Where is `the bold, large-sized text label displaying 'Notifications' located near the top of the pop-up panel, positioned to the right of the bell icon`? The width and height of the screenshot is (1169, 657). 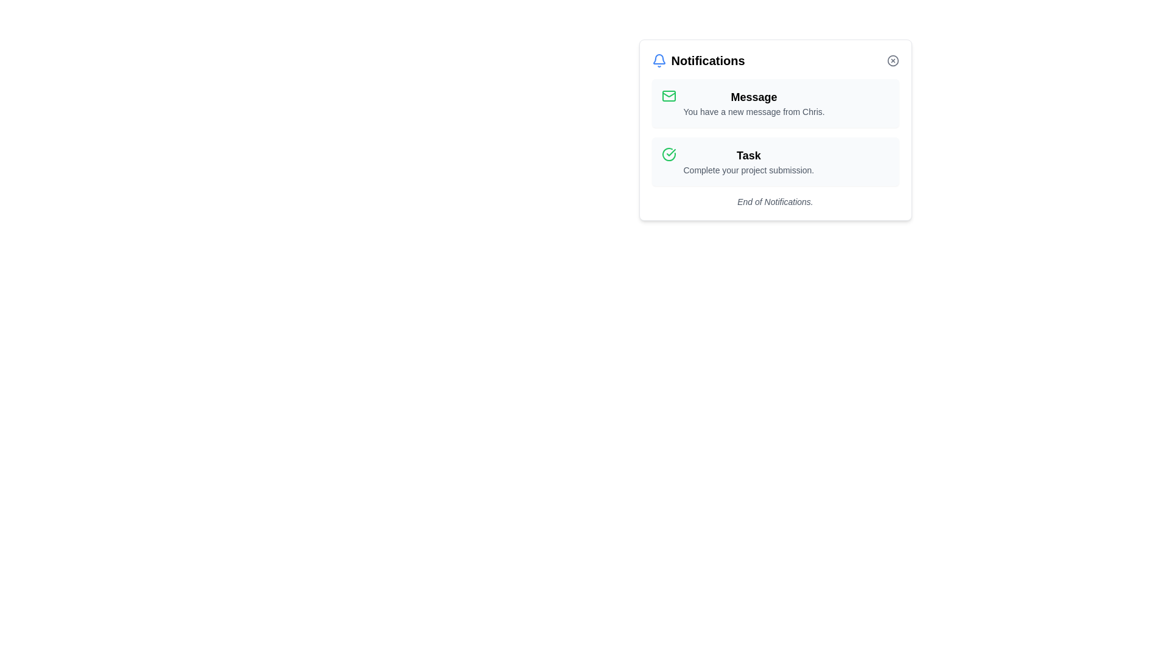 the bold, large-sized text label displaying 'Notifications' located near the top of the pop-up panel, positioned to the right of the bell icon is located at coordinates (708, 61).